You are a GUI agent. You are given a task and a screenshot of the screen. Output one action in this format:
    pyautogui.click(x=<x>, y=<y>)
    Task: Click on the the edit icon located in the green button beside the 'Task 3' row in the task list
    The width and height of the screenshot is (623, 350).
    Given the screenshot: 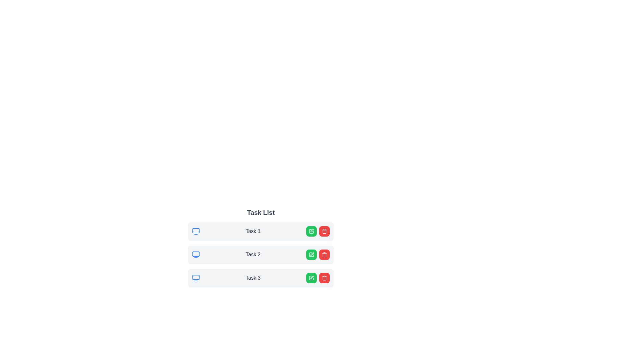 What is the action you would take?
    pyautogui.click(x=311, y=277)
    